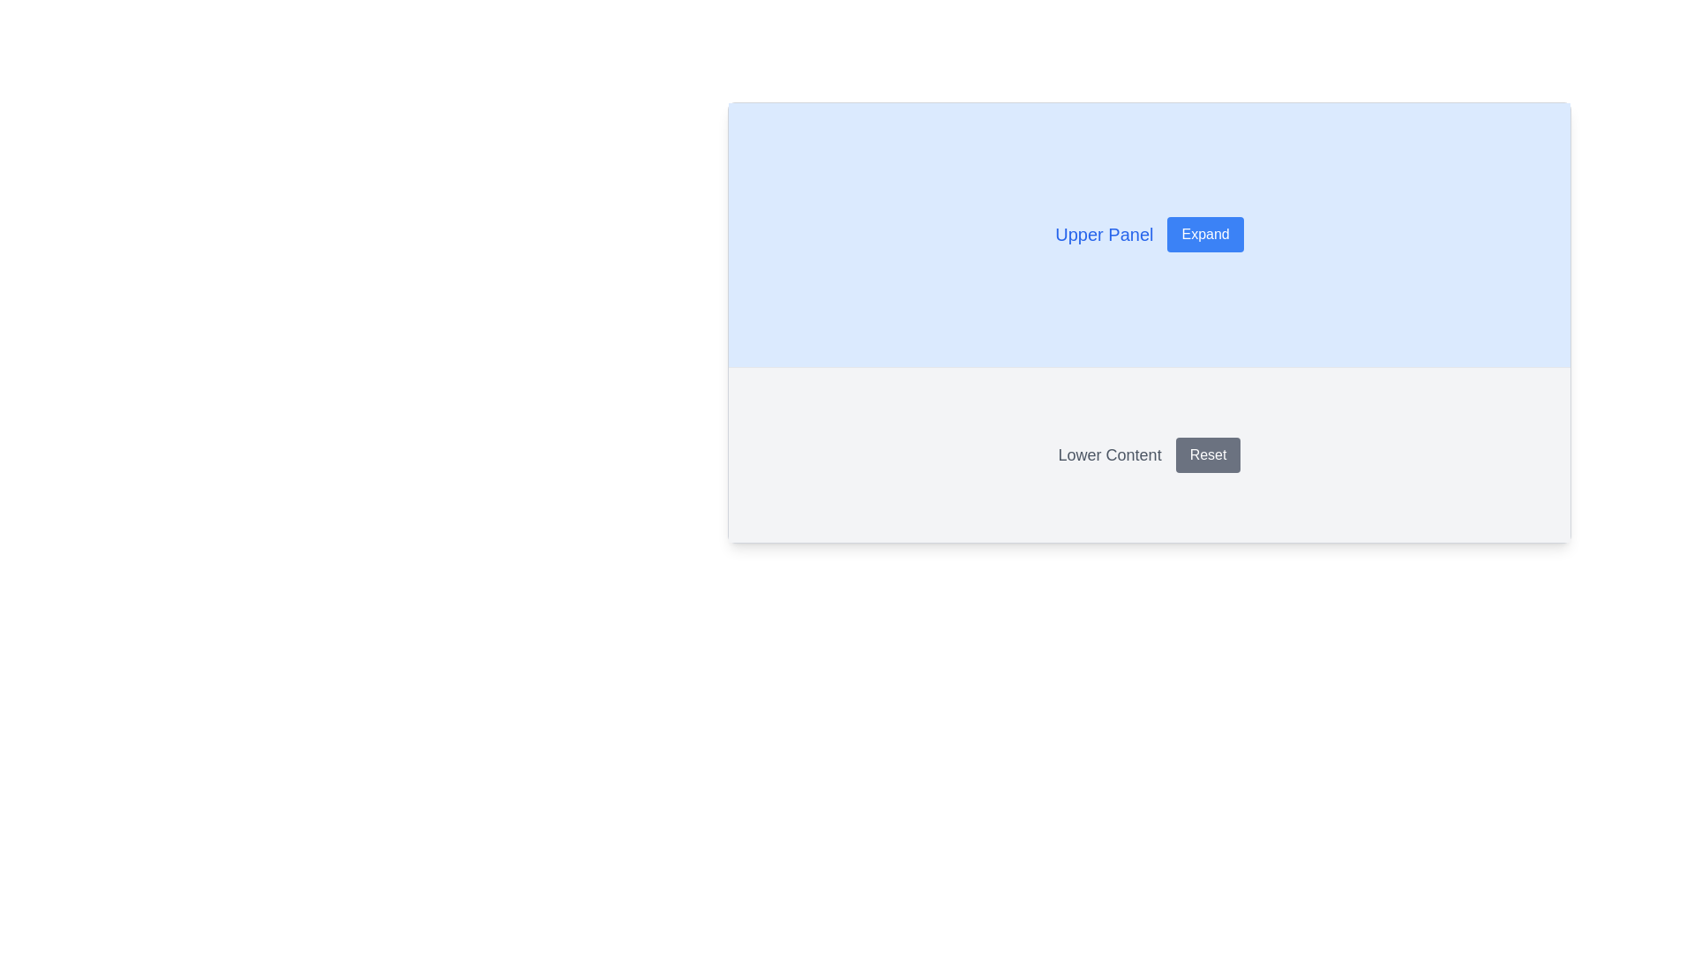  Describe the element at coordinates (1204, 234) in the screenshot. I see `the 'Expand' button, which is a rectangular button with white text on a blue background located in the upper panel, adjacent to the text 'Upper Panel'` at that location.